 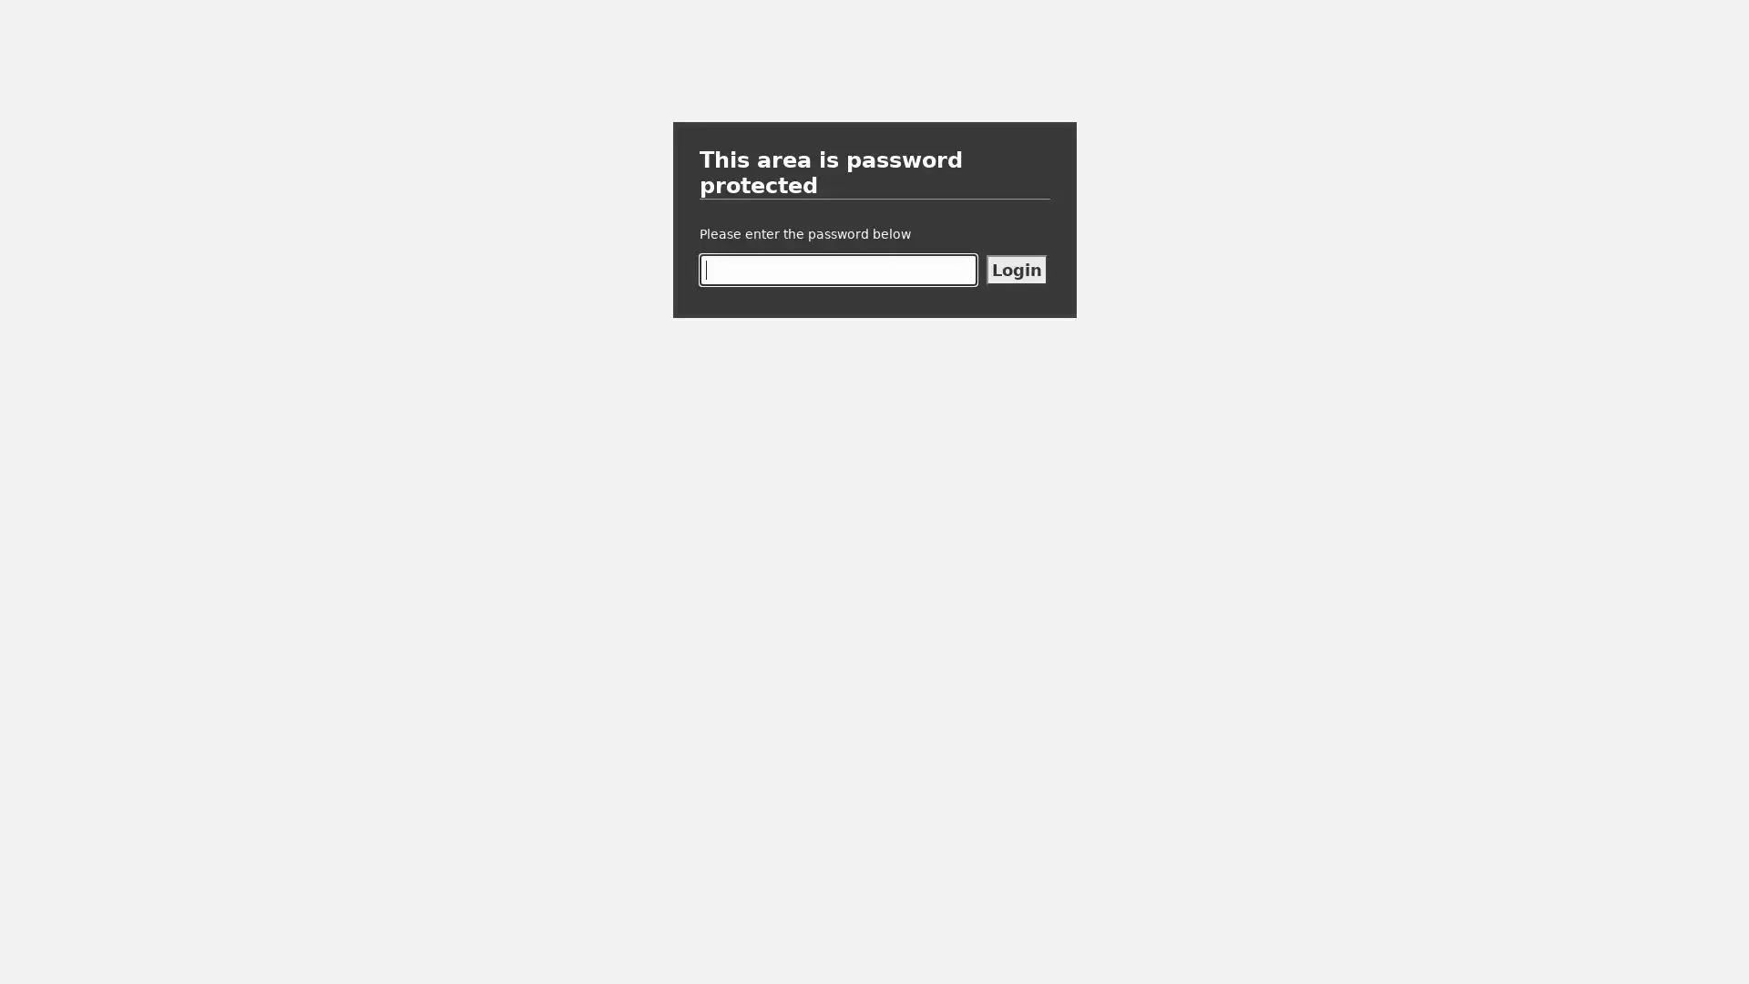 I want to click on Login, so click(x=1015, y=270).